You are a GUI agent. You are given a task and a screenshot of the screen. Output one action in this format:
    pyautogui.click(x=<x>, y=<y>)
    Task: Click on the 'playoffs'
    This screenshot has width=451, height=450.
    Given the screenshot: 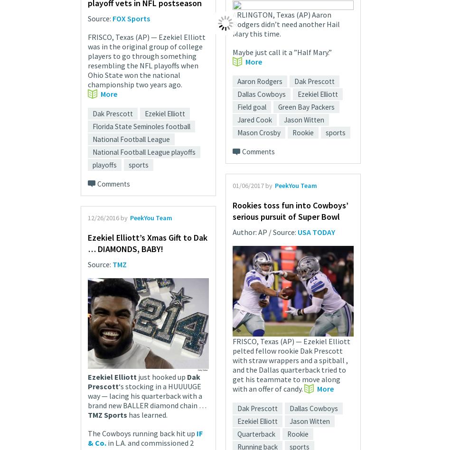 What is the action you would take?
    pyautogui.click(x=104, y=164)
    